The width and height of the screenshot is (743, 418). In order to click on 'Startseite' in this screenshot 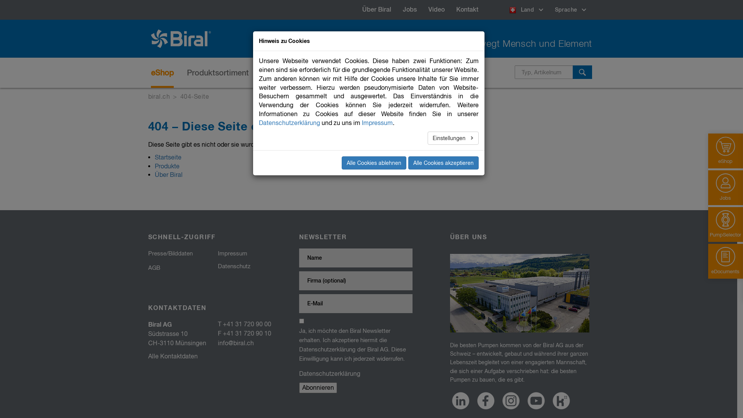, I will do `click(168, 157)`.